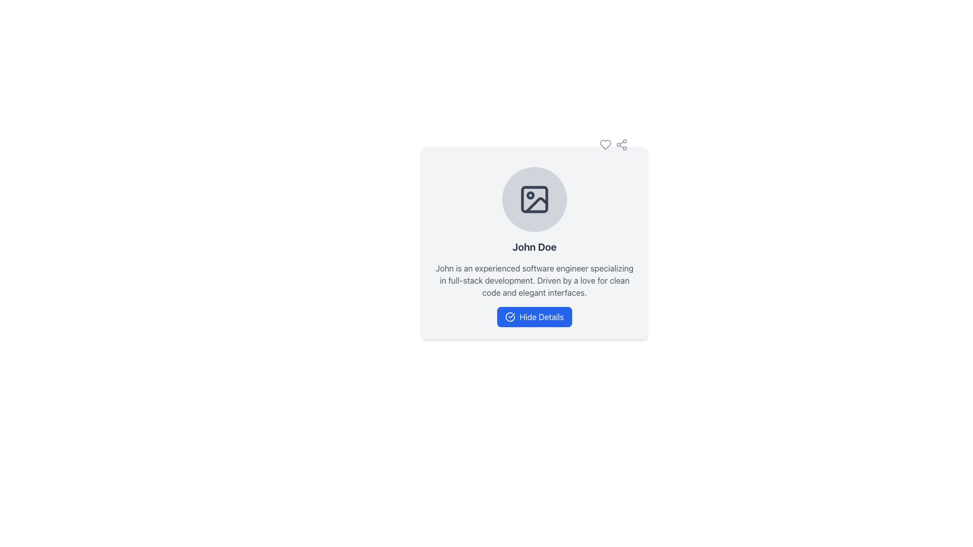 The height and width of the screenshot is (547, 973). What do you see at coordinates (534, 199) in the screenshot?
I see `the icon element that depicts a mountain-like shape with a circular object above it, colored dark gray, located at the top center of a card-like layout` at bounding box center [534, 199].